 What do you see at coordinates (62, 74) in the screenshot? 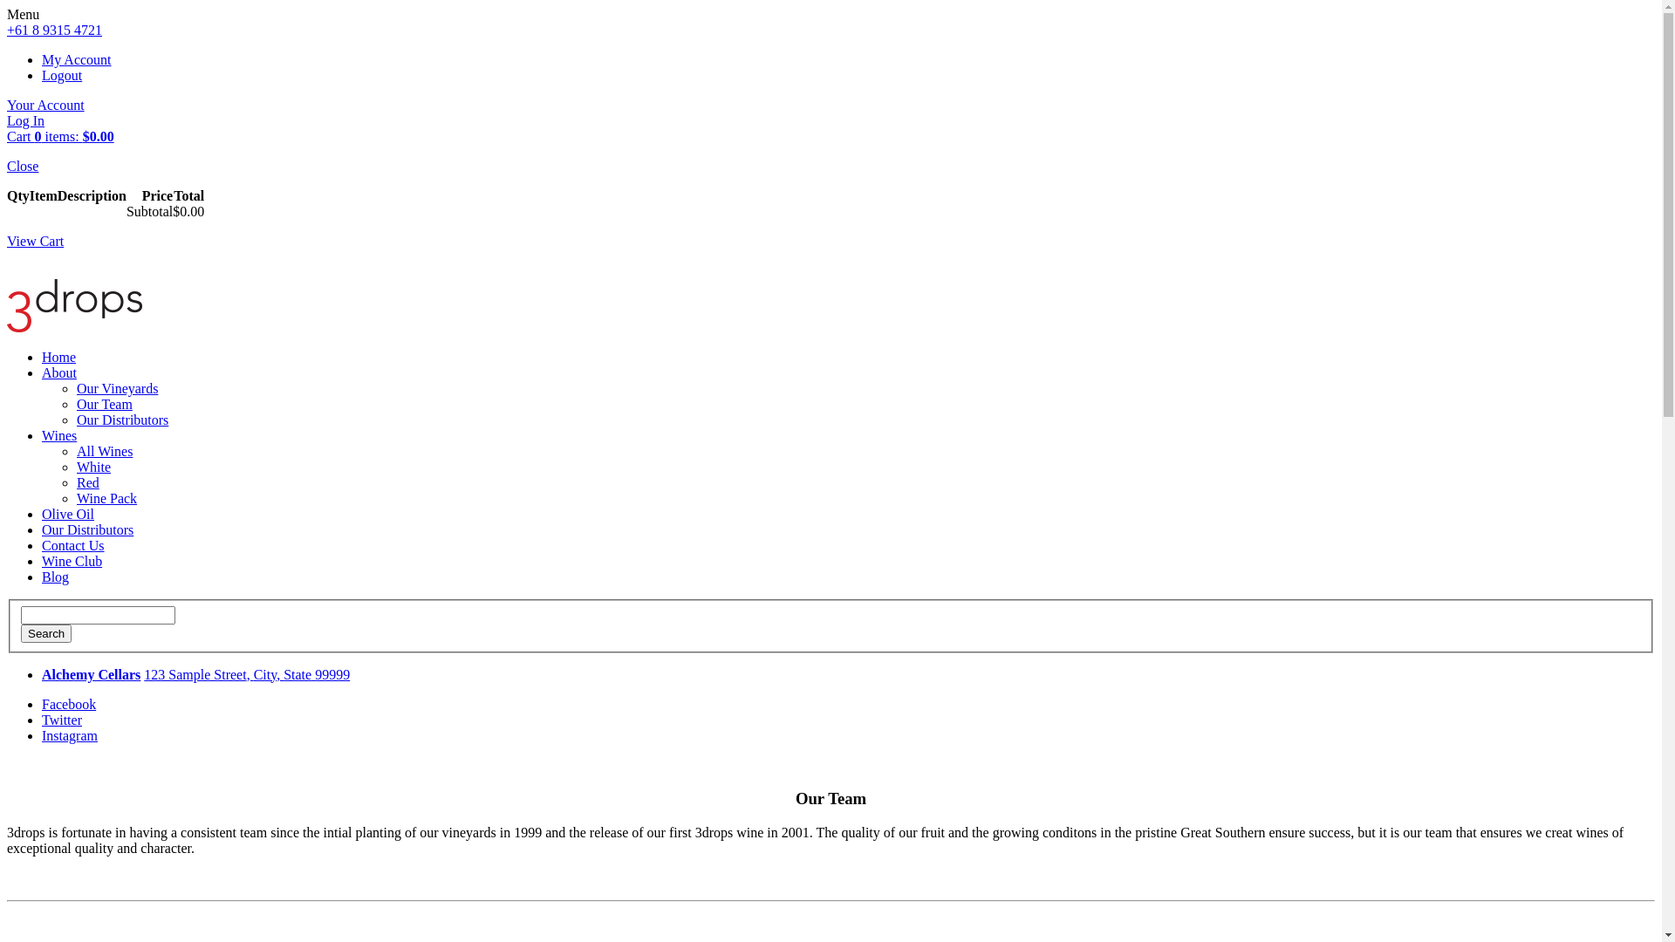
I see `'Logout'` at bounding box center [62, 74].